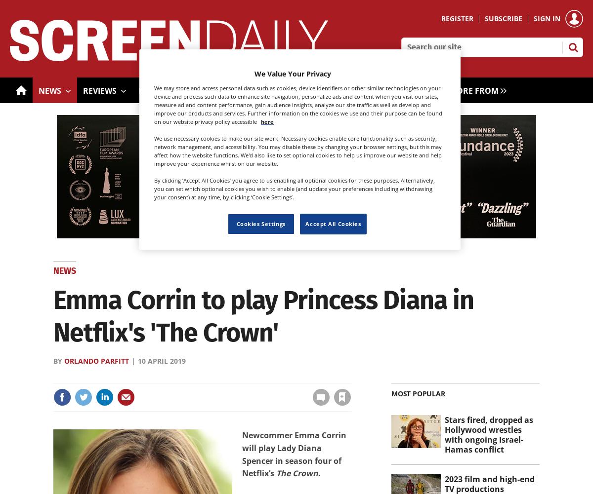  Describe the element at coordinates (213, 376) in the screenshot. I see `'Sign in'` at that location.